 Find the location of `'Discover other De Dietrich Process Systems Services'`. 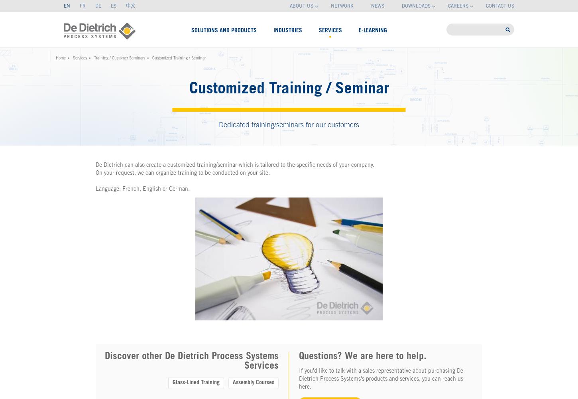

'Discover other De Dietrich Process Systems Services' is located at coordinates (191, 362).